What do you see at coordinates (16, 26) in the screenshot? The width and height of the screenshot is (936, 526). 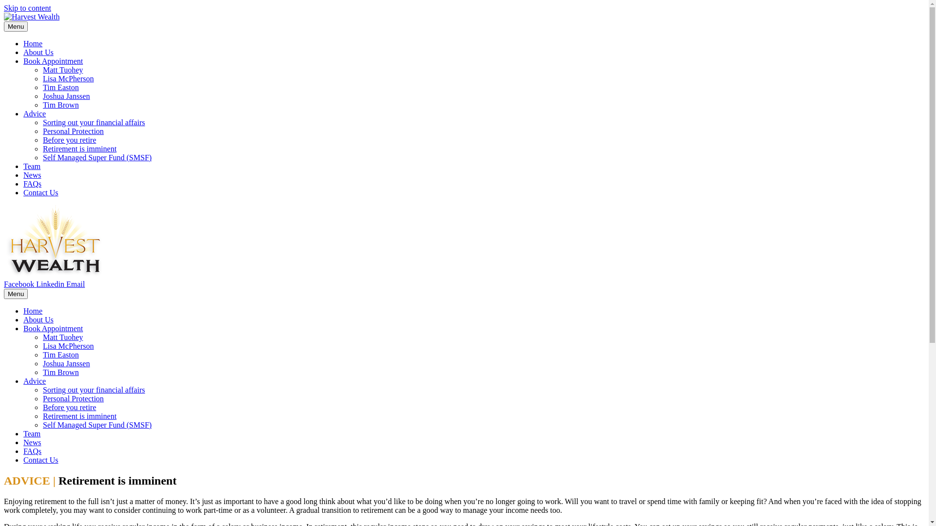 I see `'Menu'` at bounding box center [16, 26].